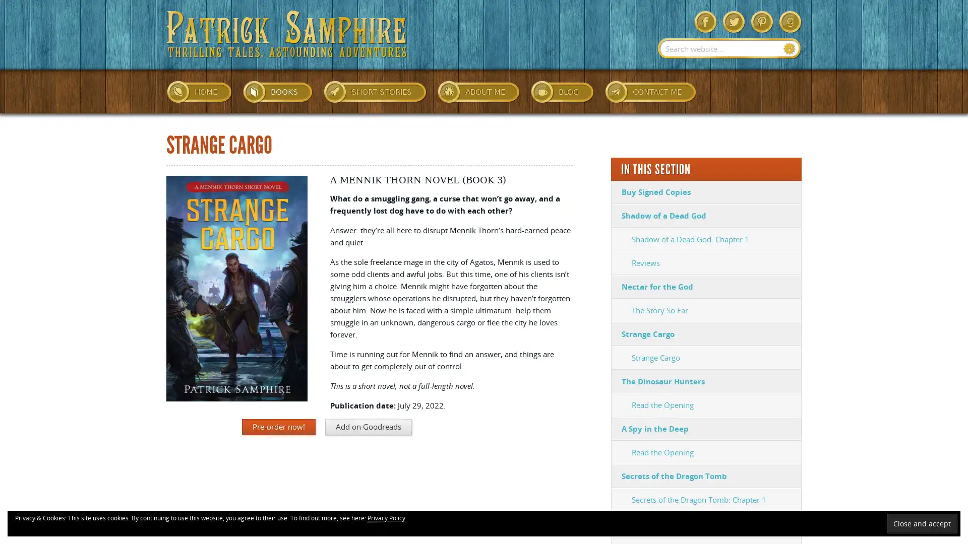 The height and width of the screenshot is (544, 968). Describe the element at coordinates (789, 48) in the screenshot. I see `Search` at that location.